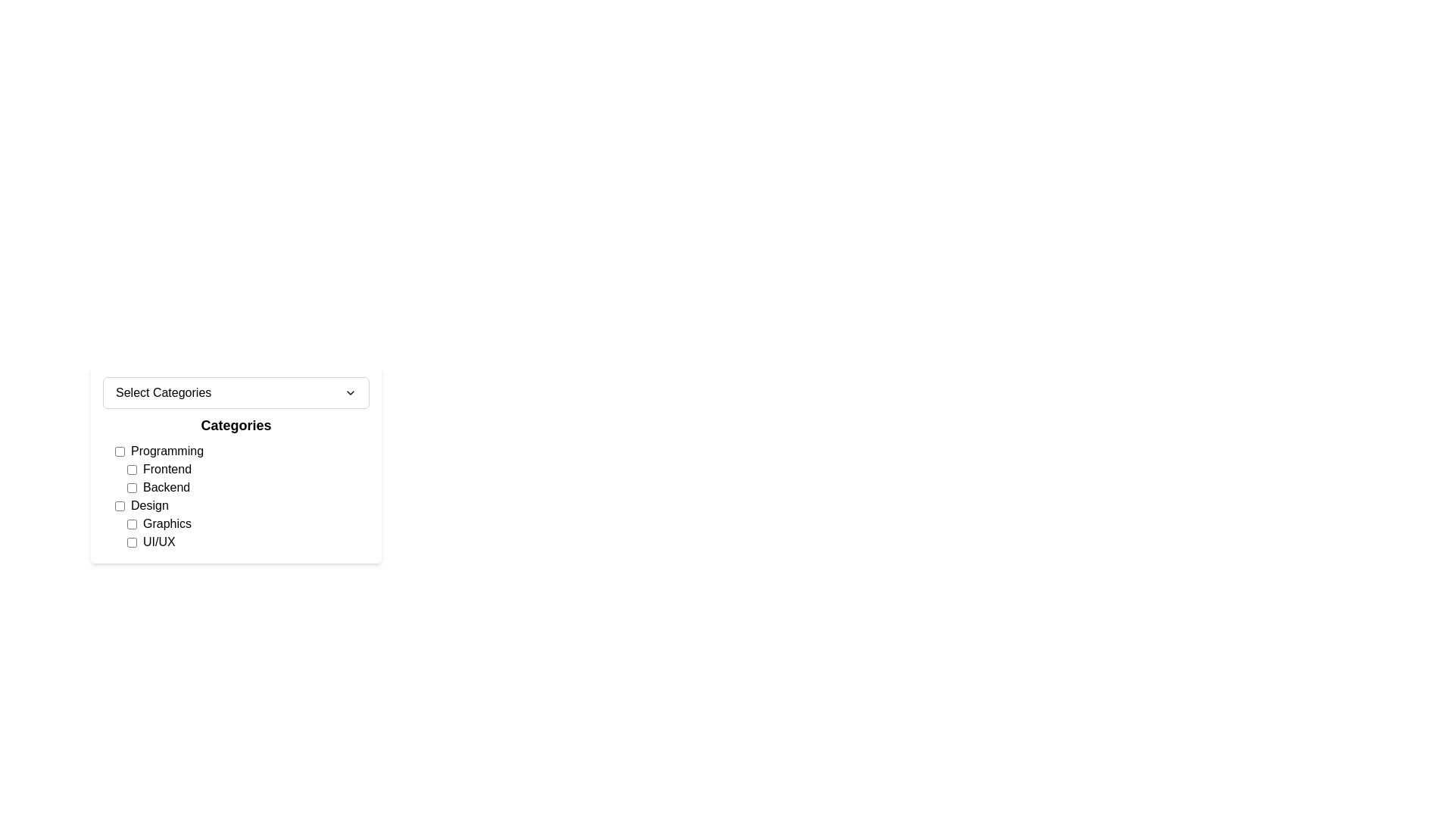  What do you see at coordinates (119, 505) in the screenshot?
I see `the checkbox located to the left of the 'Design' label in the vertical list of selectable categories` at bounding box center [119, 505].